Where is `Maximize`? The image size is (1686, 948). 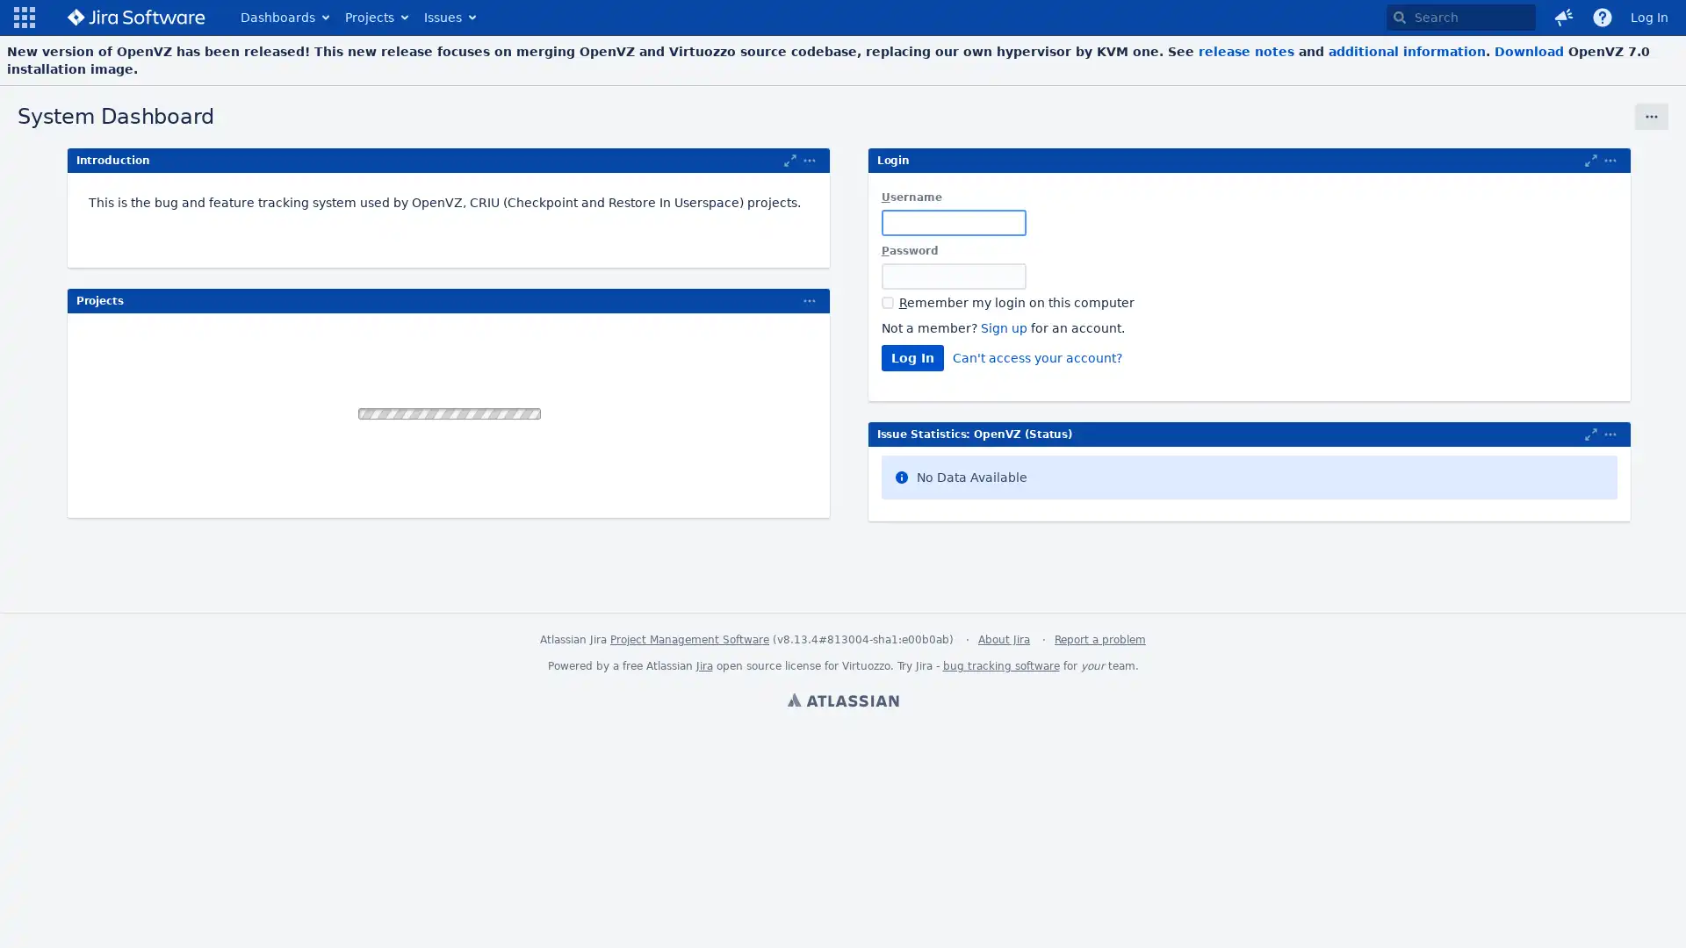 Maximize is located at coordinates (1610, 160).